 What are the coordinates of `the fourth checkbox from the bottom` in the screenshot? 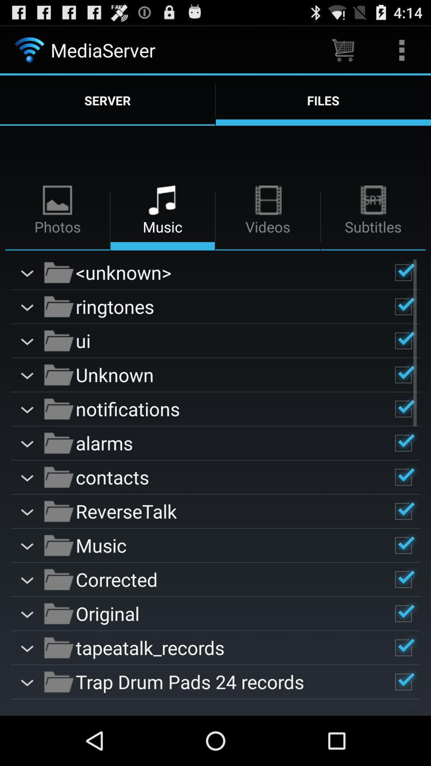 It's located at (403, 580).